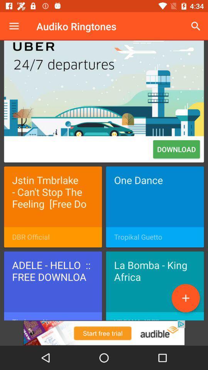 This screenshot has width=208, height=370. Describe the element at coordinates (185, 298) in the screenshot. I see `the add icon` at that location.